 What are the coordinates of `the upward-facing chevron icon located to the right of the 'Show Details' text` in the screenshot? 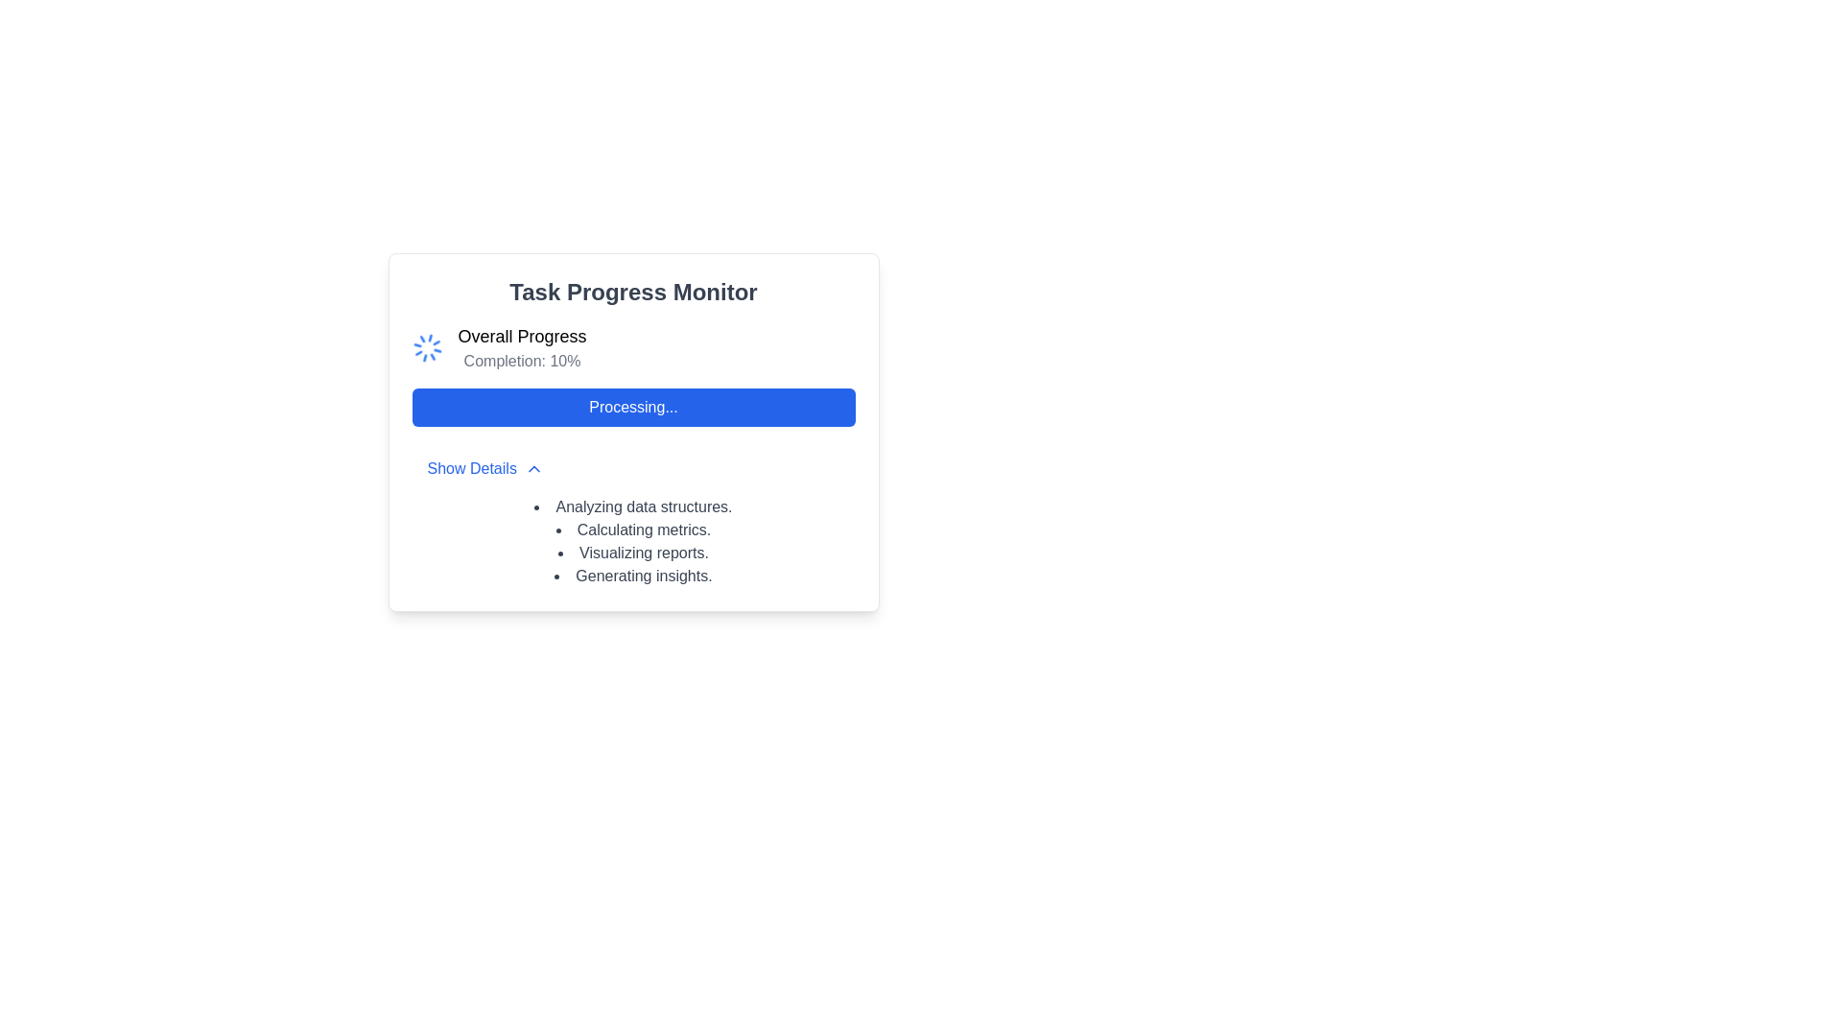 It's located at (533, 469).